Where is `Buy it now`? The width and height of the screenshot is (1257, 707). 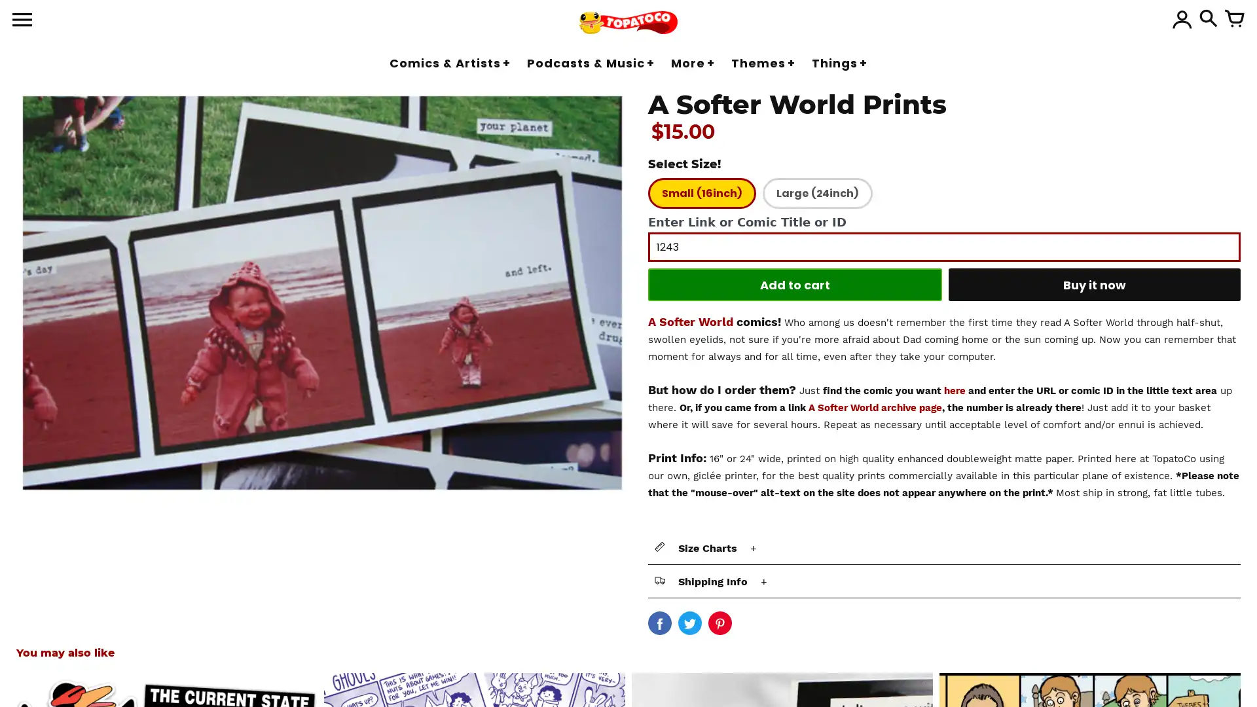
Buy it now is located at coordinates (1094, 284).